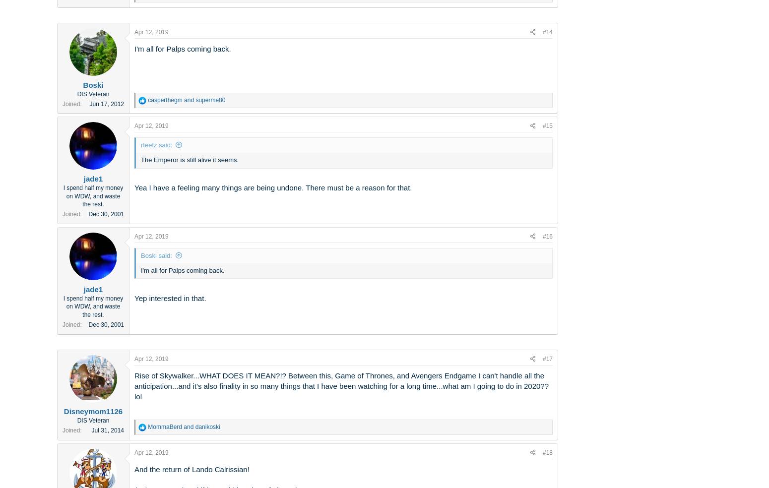 Image resolution: width=769 pixels, height=488 pixels. Describe the element at coordinates (273, 187) in the screenshot. I see `'Yea I have a feeling many things are being undone. There must be a reason for that.'` at that location.